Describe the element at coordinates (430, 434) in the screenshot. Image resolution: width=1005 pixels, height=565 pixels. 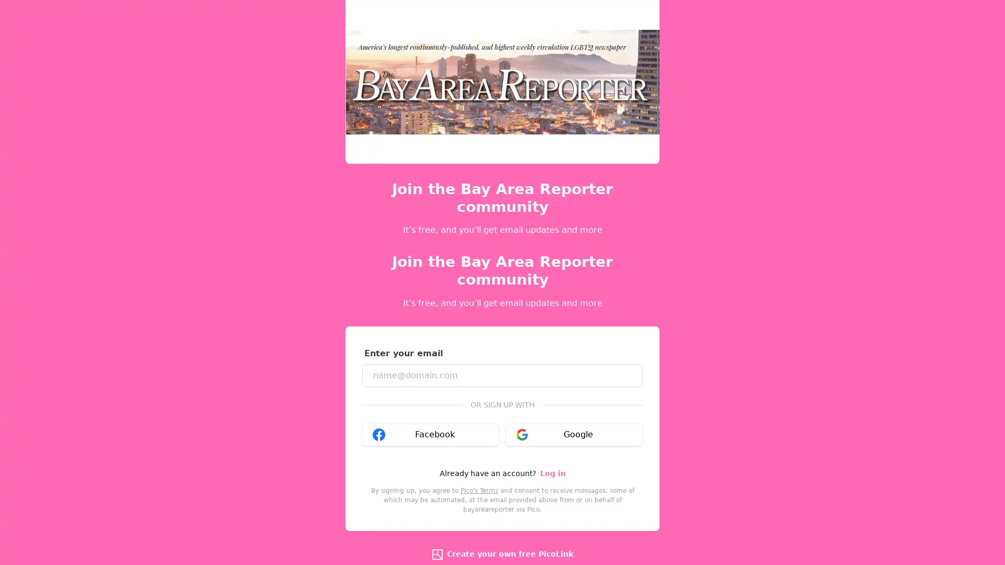
I see `Facebook` at that location.